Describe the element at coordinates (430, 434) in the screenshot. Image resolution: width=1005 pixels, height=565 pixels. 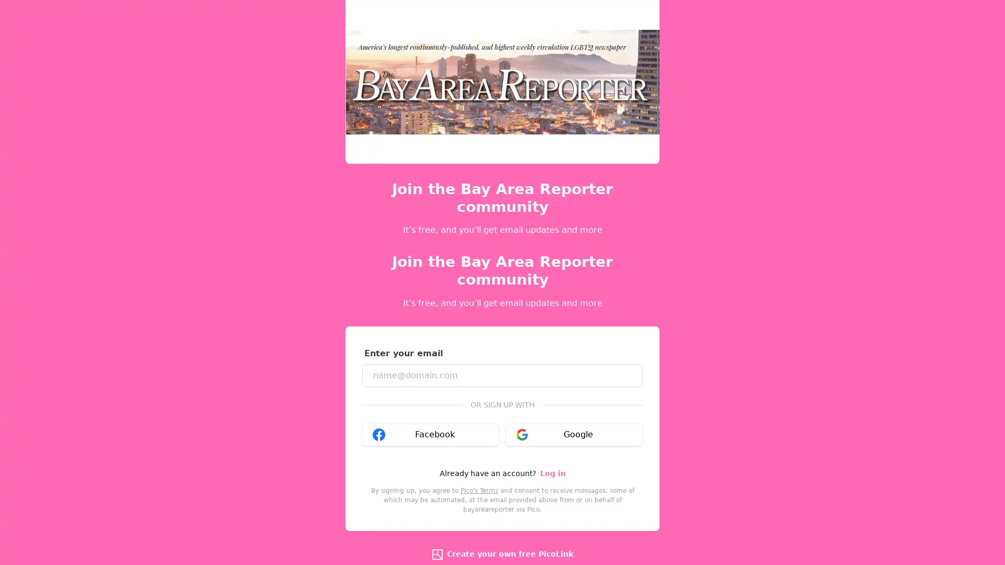
I see `Facebook` at that location.